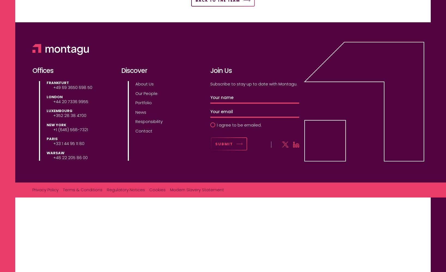  Describe the element at coordinates (197, 189) in the screenshot. I see `'Modern Slavery Statement'` at that location.